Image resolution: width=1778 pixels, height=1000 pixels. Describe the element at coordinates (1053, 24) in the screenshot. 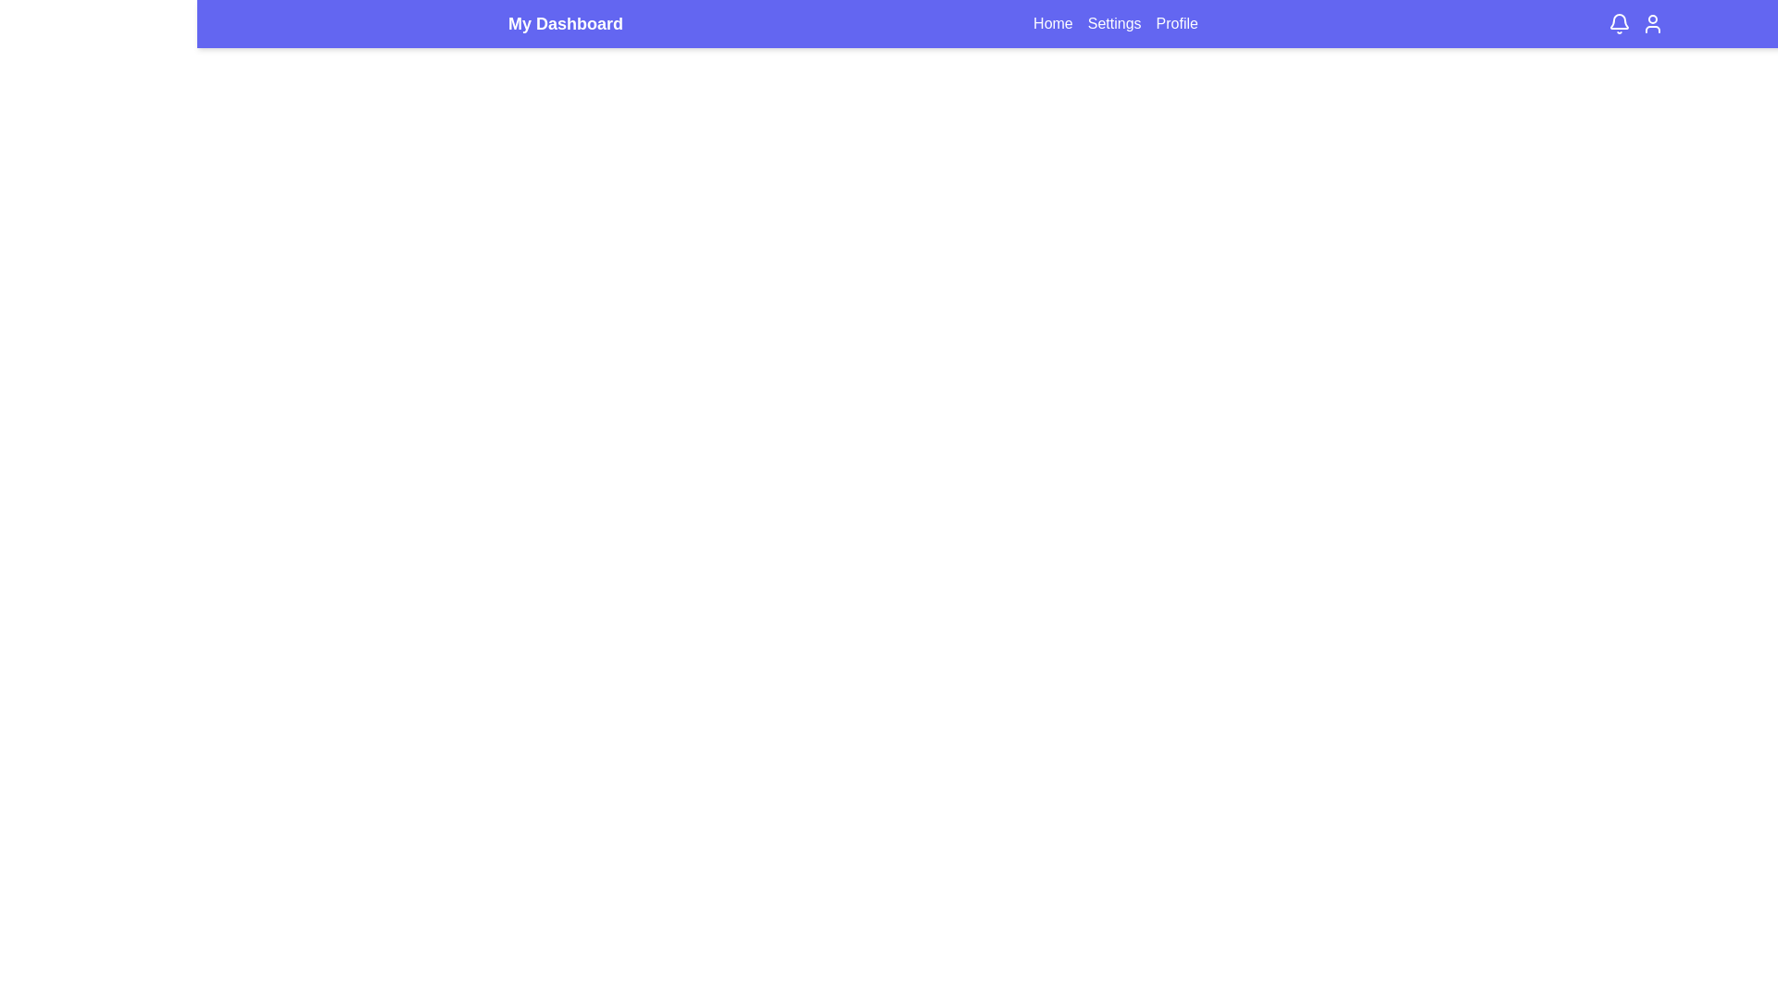

I see `the 'Home' navigational text link in the top navigation bar to change its color to yellow` at that location.